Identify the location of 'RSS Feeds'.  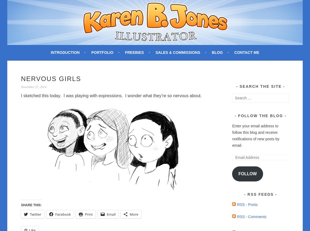
(260, 194).